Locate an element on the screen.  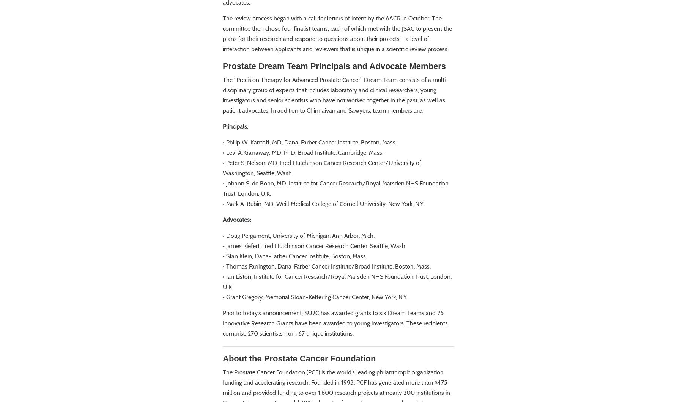
'• Grant Gregory, Memorial Sloan-Kettering Cancer Center, New York, N.Y.' is located at coordinates (315, 319).